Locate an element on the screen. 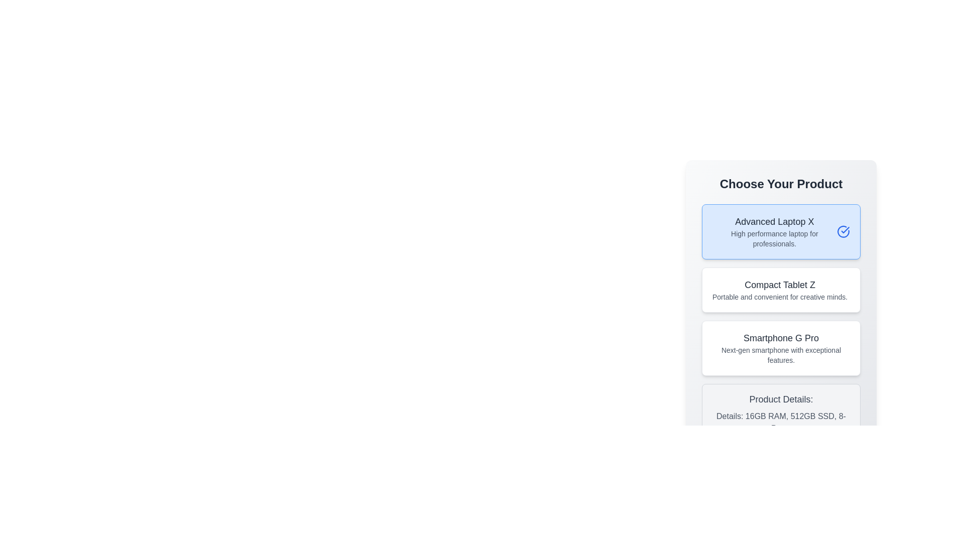 The image size is (964, 542). the 'Advanced Laptop X' text display component is located at coordinates (774, 232).